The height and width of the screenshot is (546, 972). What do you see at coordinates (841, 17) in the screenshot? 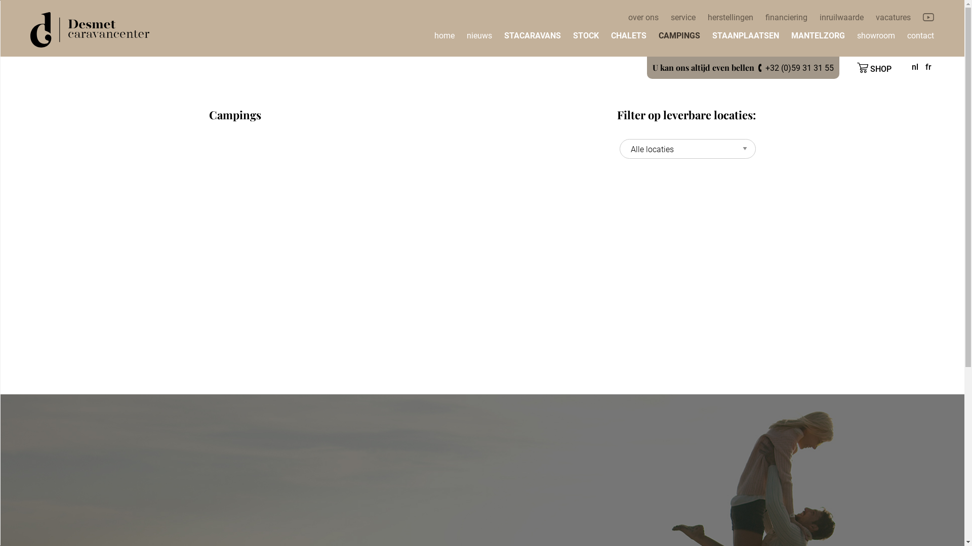
I see `'inruilwaarde'` at bounding box center [841, 17].